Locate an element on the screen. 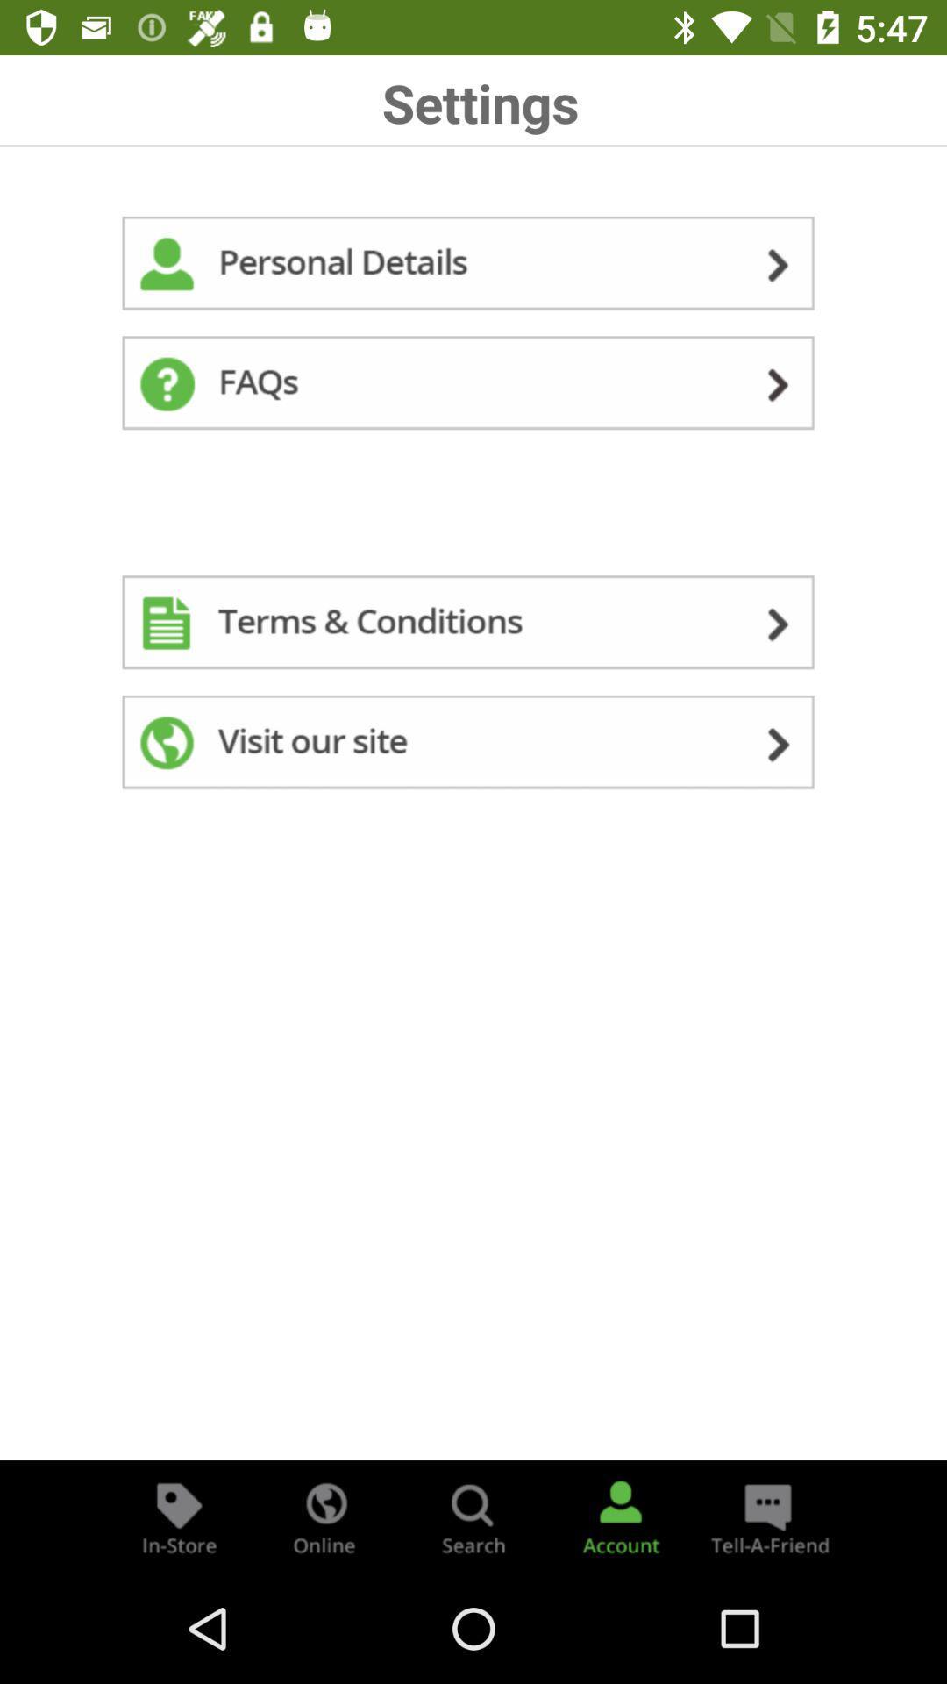 This screenshot has width=947, height=1684. the chat icon is located at coordinates (766, 1516).